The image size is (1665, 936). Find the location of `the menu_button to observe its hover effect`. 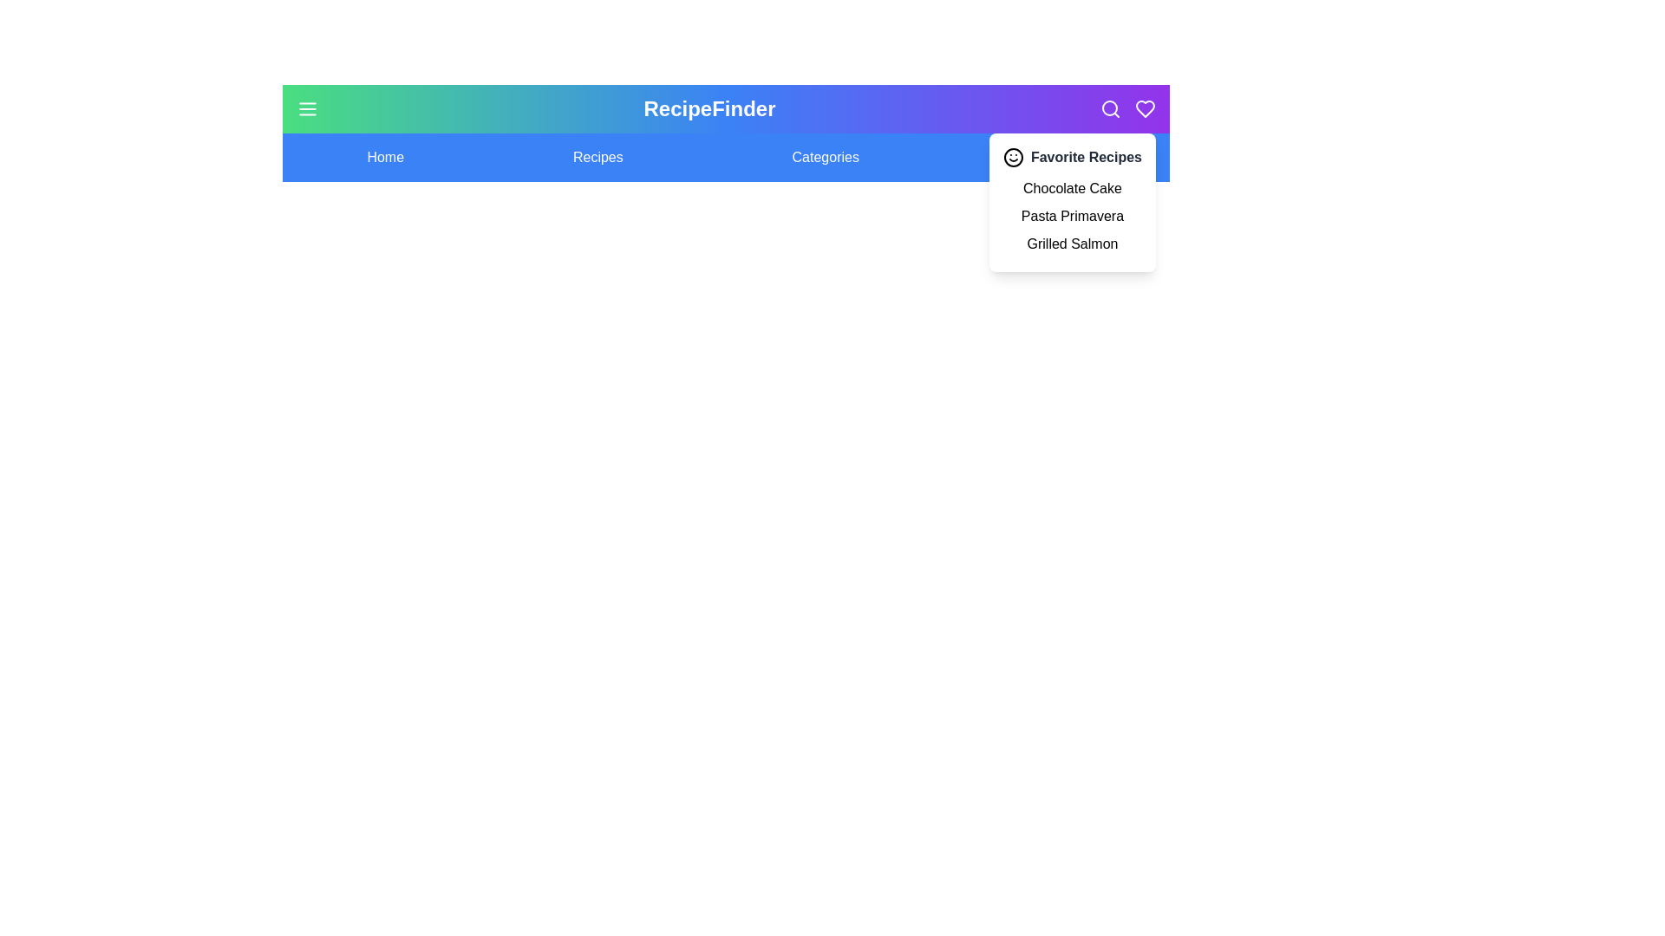

the menu_button to observe its hover effect is located at coordinates (308, 109).